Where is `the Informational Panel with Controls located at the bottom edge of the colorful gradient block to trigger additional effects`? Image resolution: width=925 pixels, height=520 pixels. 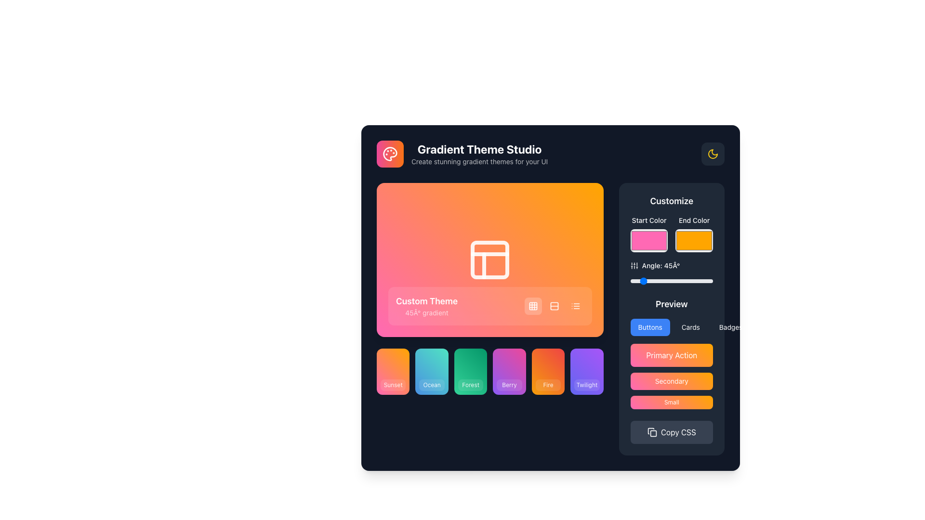
the Informational Panel with Controls located at the bottom edge of the colorful gradient block to trigger additional effects is located at coordinates (490, 306).